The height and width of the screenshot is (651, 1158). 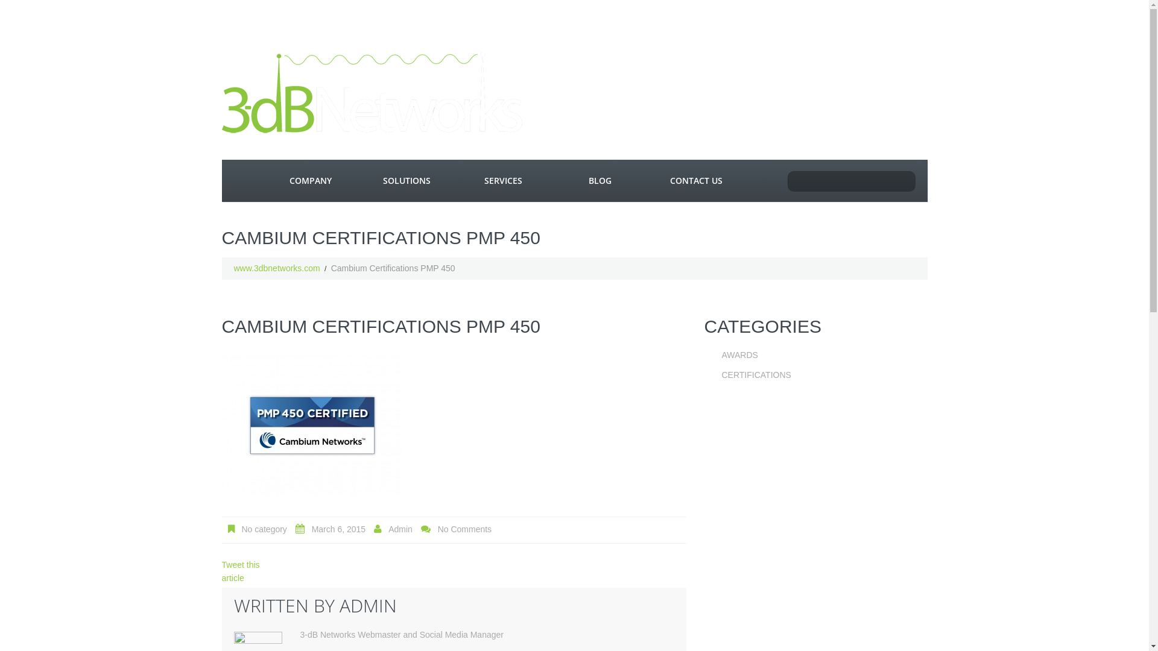 I want to click on 'CERTIFICATIONS', so click(x=721, y=374).